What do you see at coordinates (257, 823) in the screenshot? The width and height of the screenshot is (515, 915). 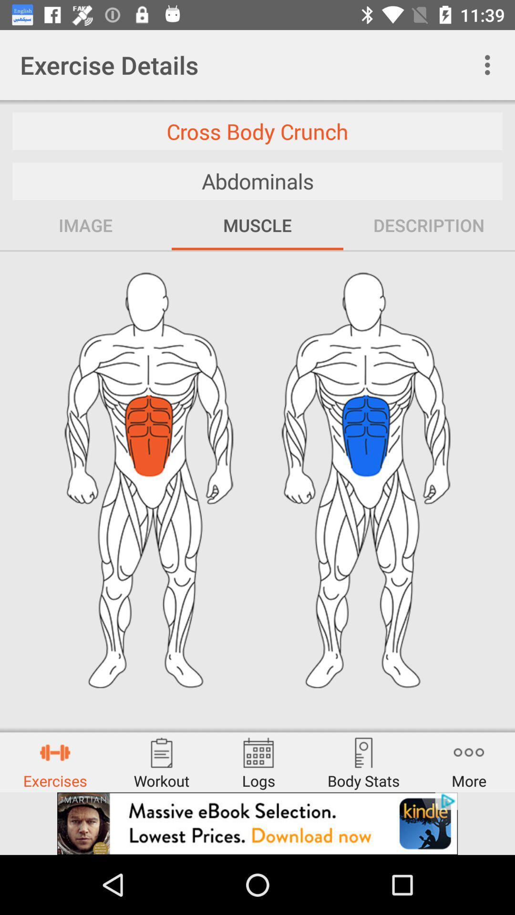 I see `see advertisement` at bounding box center [257, 823].